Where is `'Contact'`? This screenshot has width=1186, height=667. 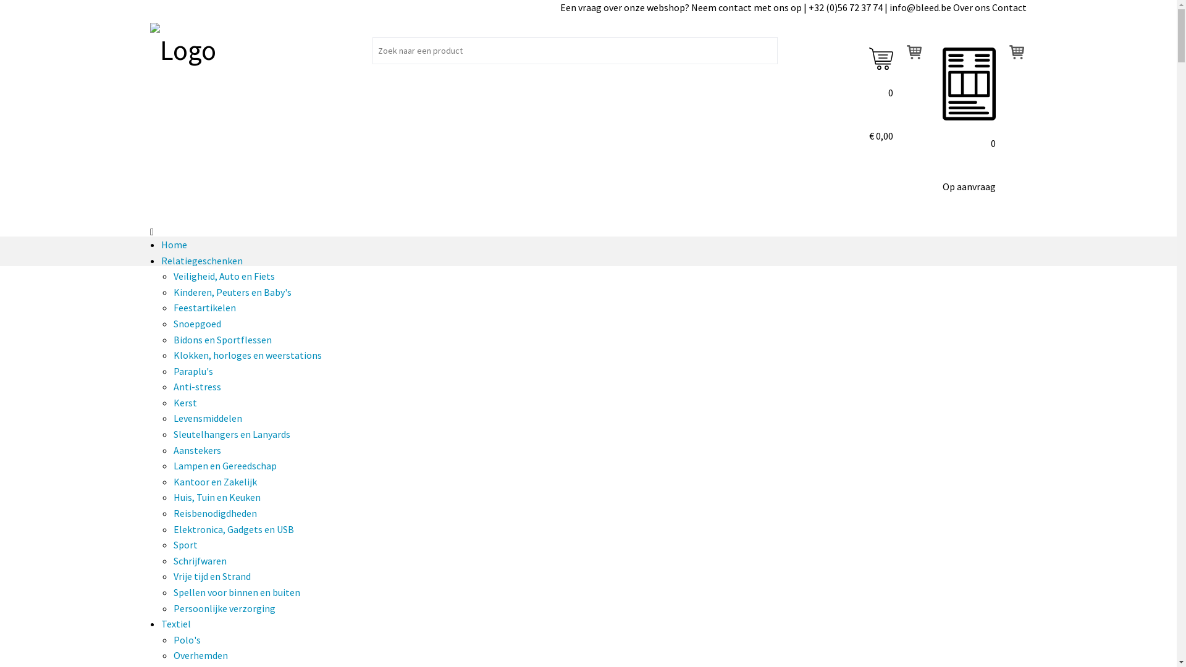 'Contact' is located at coordinates (1009, 7).